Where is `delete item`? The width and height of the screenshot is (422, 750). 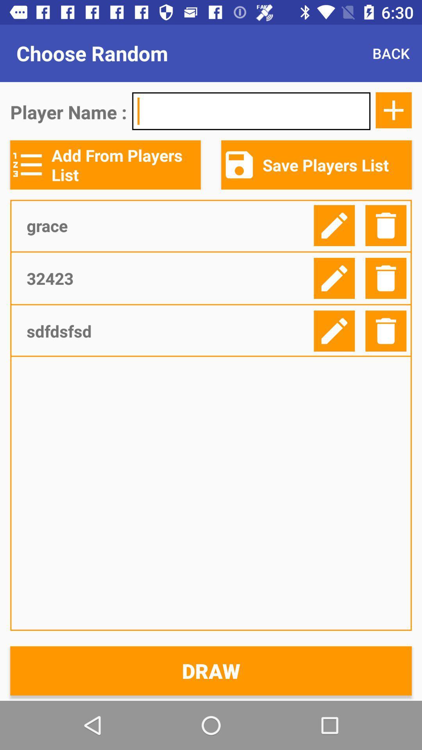 delete item is located at coordinates (385, 331).